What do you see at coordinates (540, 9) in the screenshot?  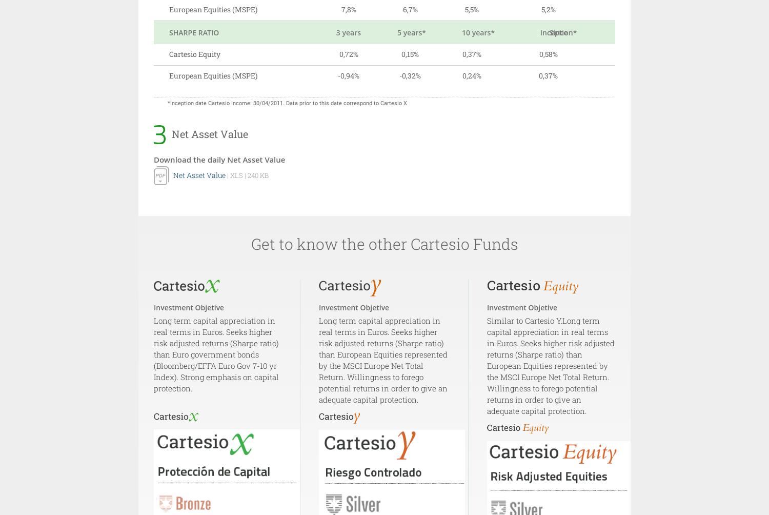 I see `'5,2%'` at bounding box center [540, 9].